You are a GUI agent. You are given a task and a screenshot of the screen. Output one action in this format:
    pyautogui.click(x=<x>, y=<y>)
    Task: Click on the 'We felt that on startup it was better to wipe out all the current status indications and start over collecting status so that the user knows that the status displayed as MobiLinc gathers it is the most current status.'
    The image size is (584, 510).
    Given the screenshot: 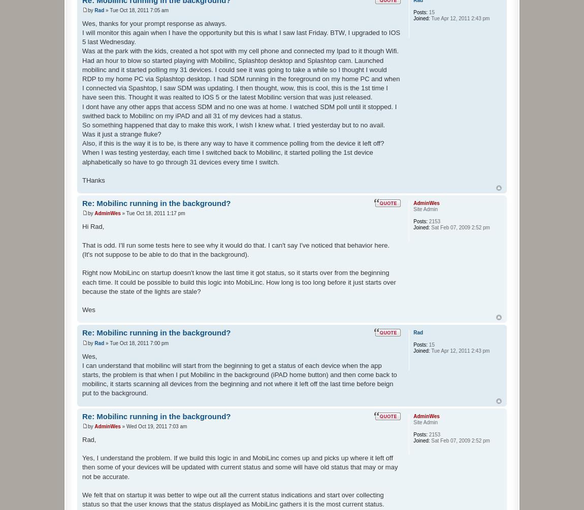 What is the action you would take?
    pyautogui.click(x=233, y=498)
    